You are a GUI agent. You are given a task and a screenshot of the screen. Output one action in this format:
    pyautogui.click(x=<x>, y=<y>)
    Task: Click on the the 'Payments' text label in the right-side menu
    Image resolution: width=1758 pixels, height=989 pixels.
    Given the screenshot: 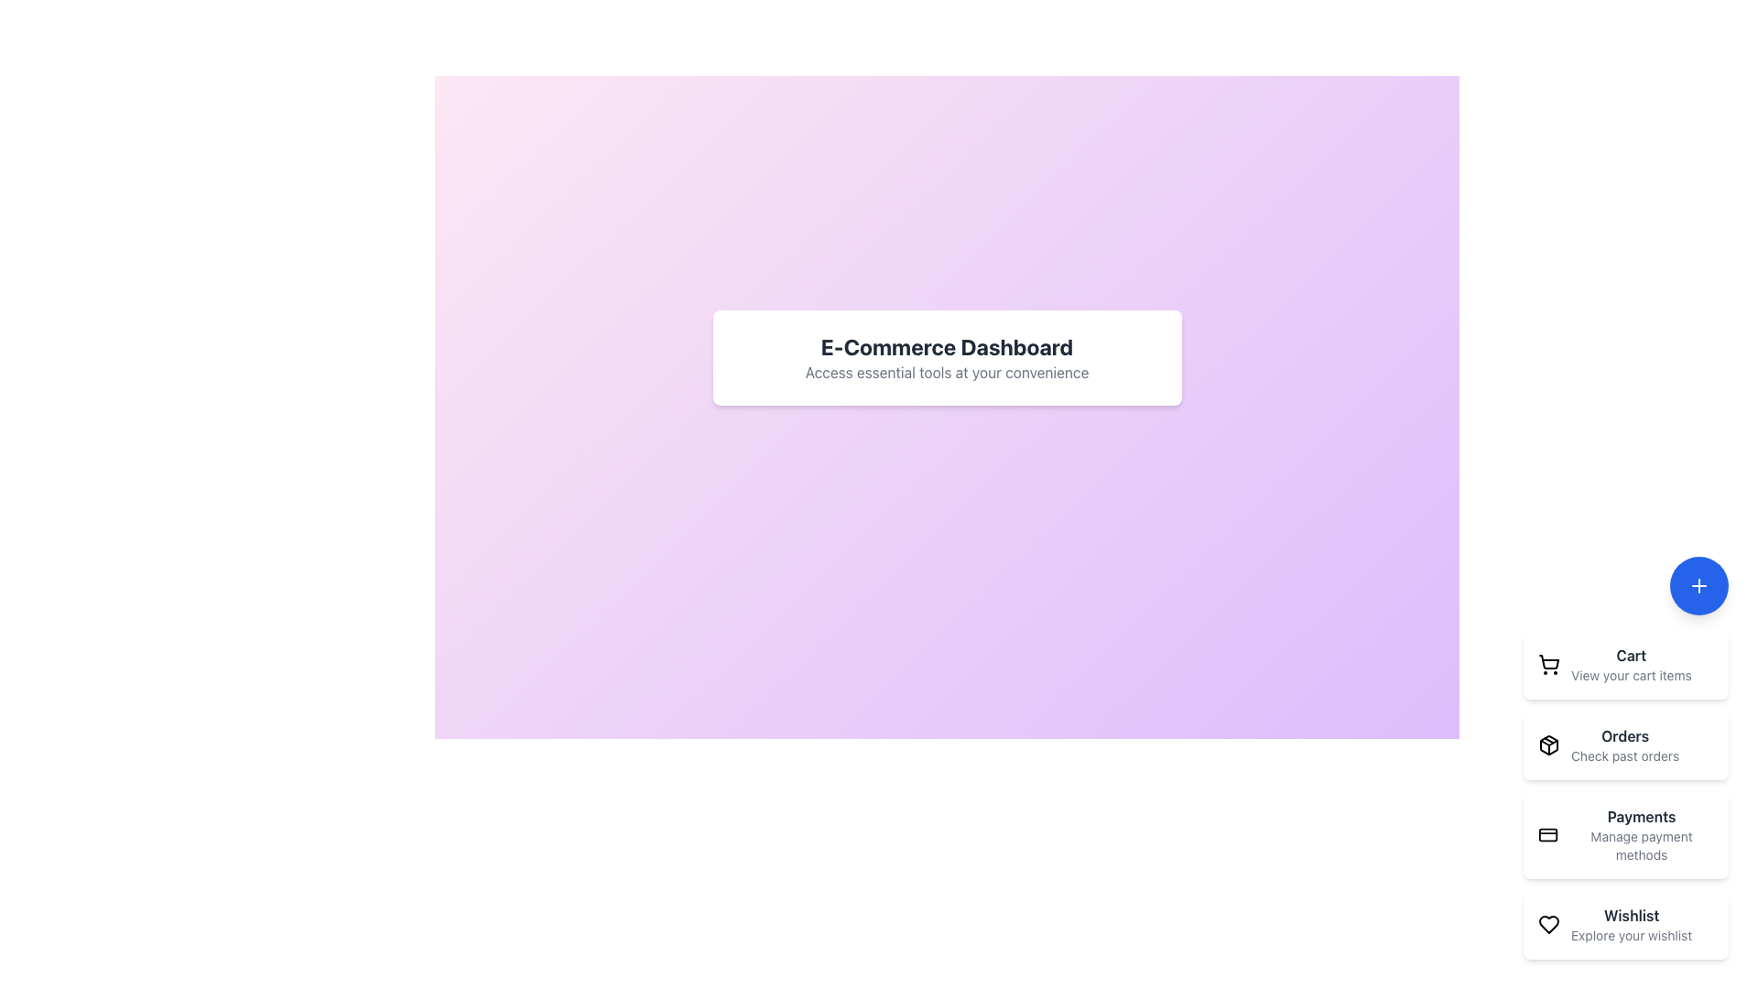 What is the action you would take?
    pyautogui.click(x=1642, y=834)
    